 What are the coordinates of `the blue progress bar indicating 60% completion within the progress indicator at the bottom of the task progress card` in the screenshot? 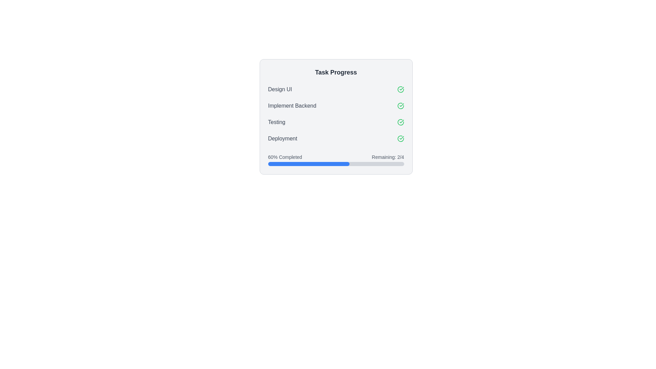 It's located at (308, 164).